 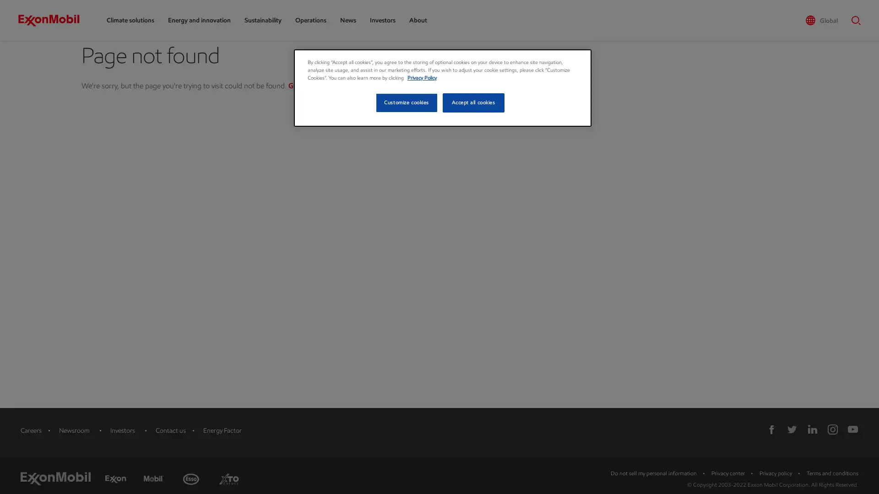 I want to click on Customize cookies, so click(x=406, y=102).